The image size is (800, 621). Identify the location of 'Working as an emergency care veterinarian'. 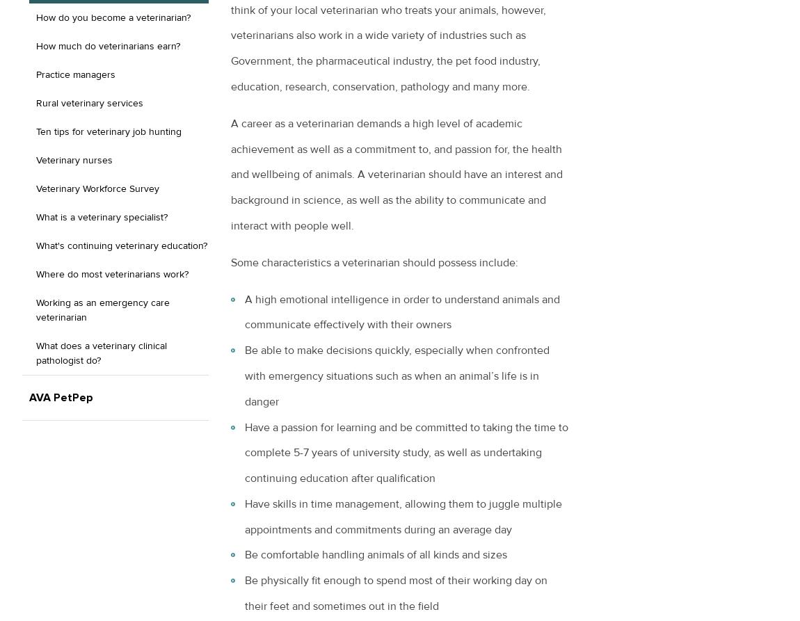
(35, 309).